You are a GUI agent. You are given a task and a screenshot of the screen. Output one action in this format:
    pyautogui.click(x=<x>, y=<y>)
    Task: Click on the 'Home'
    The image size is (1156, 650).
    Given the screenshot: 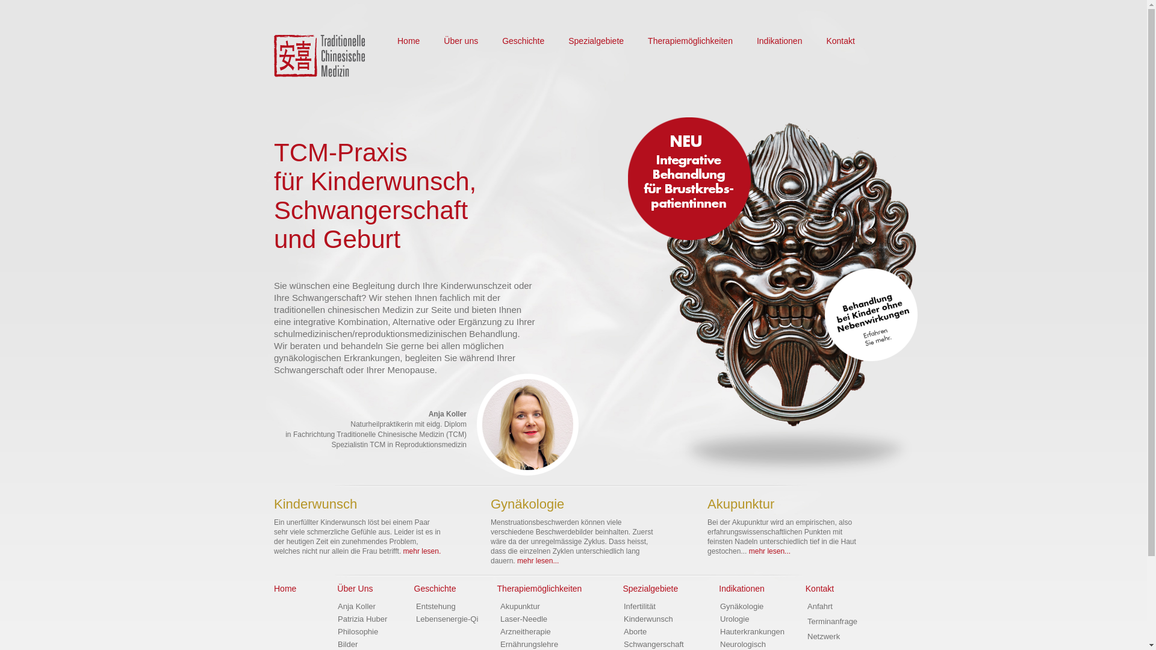 What is the action you would take?
    pyautogui.click(x=273, y=588)
    